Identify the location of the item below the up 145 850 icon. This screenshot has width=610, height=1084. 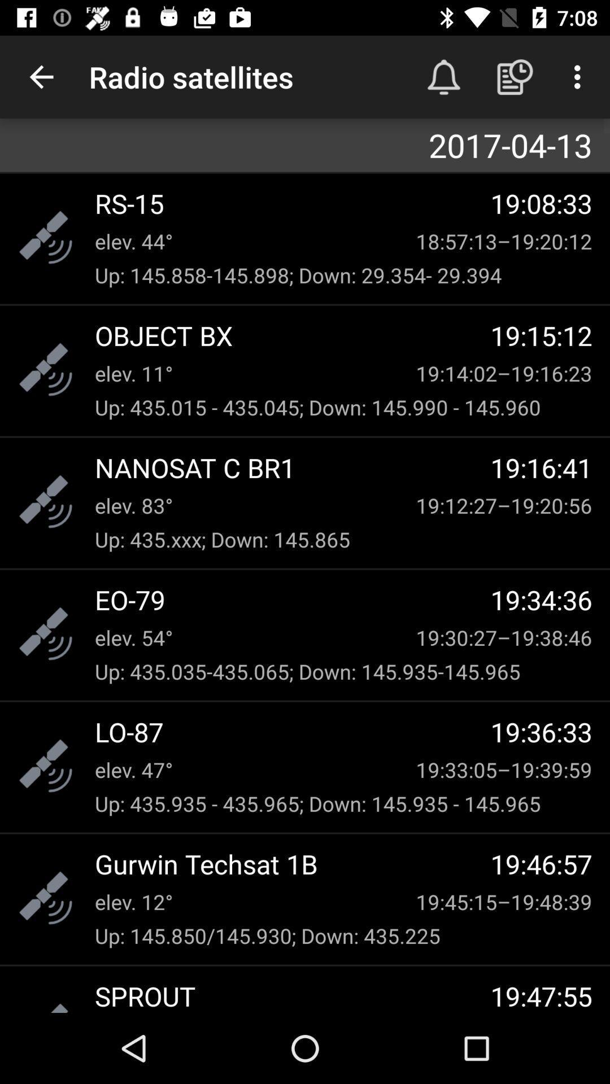
(292, 995).